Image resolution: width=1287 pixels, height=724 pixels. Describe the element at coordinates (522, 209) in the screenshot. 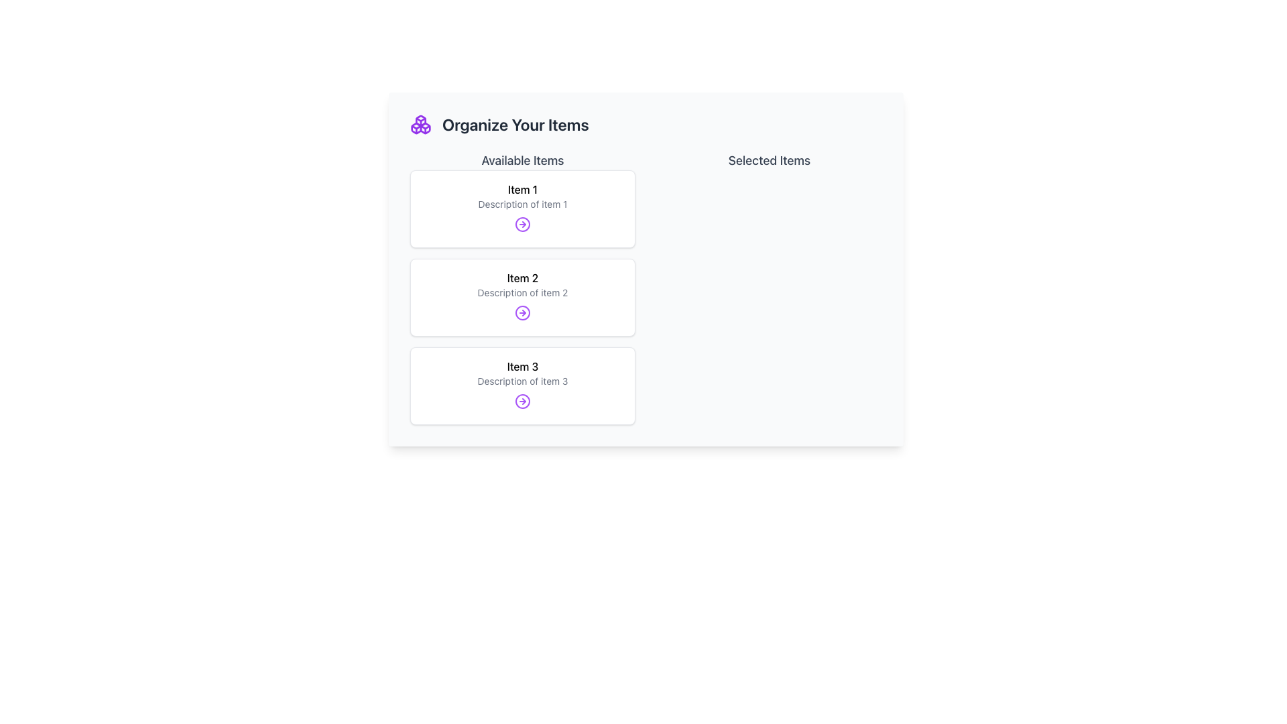

I see `the first informational card summarizing 'Item 1' in the 'Available Items' column` at that location.